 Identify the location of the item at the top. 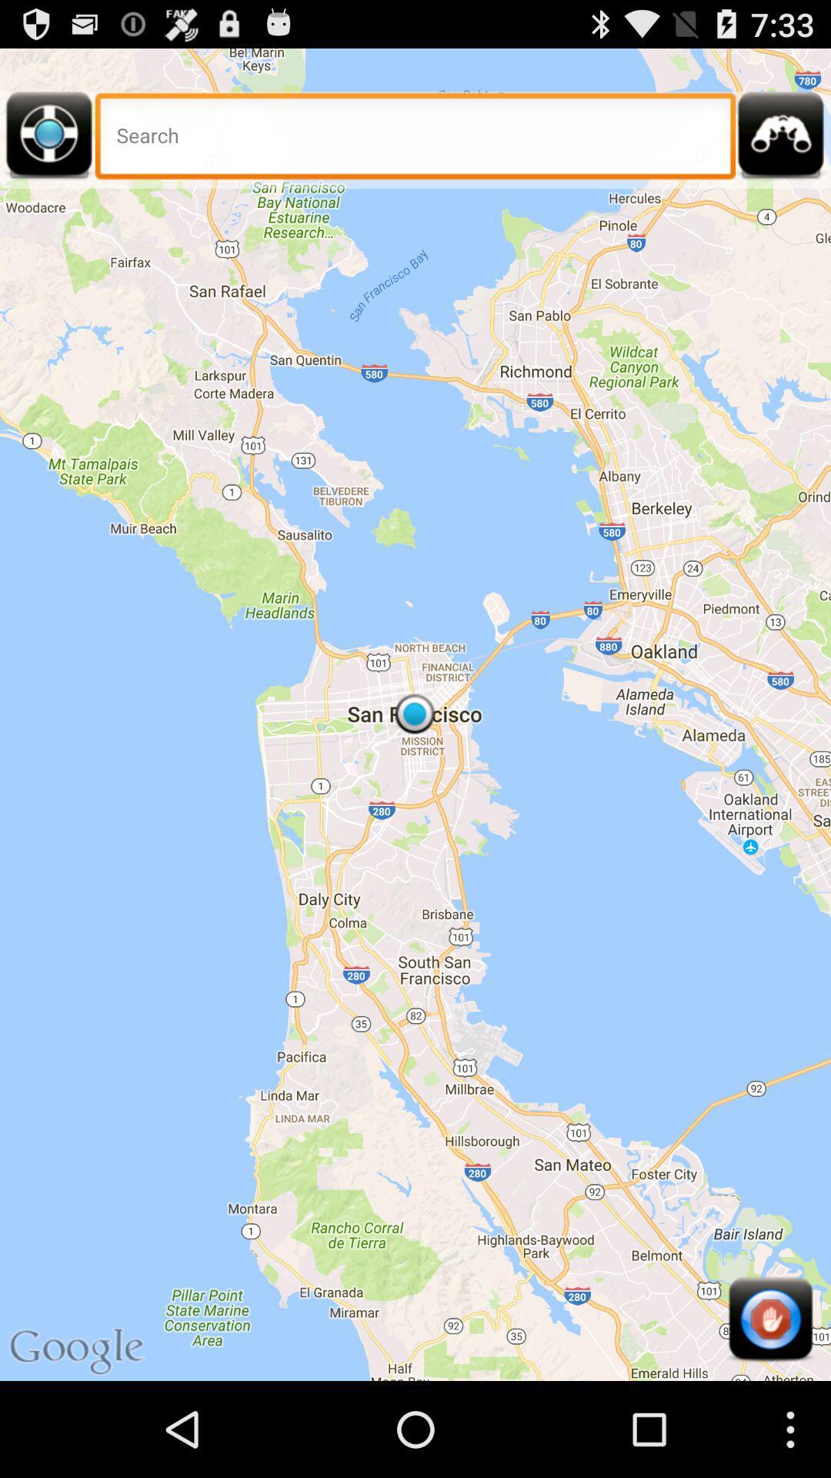
(415, 140).